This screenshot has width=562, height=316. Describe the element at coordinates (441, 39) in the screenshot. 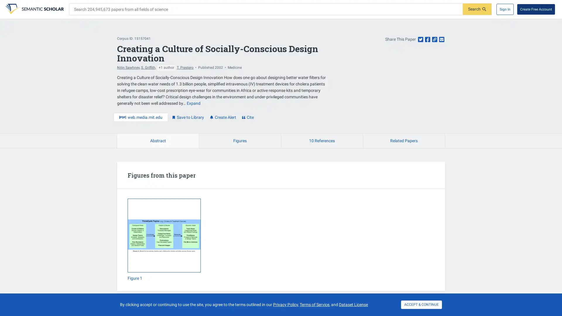

I see `Email paper` at that location.